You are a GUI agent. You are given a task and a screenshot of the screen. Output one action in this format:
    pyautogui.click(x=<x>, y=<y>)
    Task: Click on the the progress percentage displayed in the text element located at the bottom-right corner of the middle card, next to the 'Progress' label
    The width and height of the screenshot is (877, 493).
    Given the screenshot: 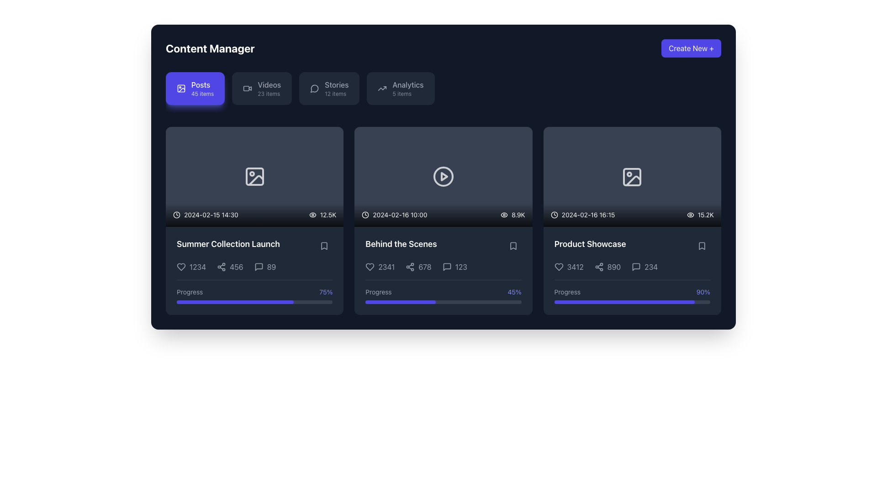 What is the action you would take?
    pyautogui.click(x=514, y=292)
    